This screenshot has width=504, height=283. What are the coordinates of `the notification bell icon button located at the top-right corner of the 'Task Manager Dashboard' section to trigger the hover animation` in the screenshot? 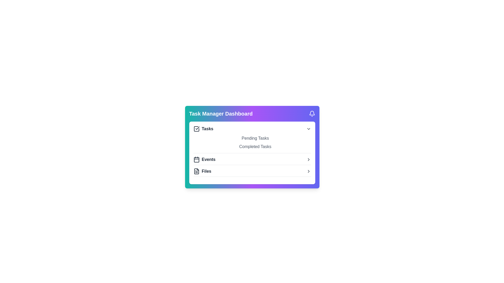 It's located at (312, 113).